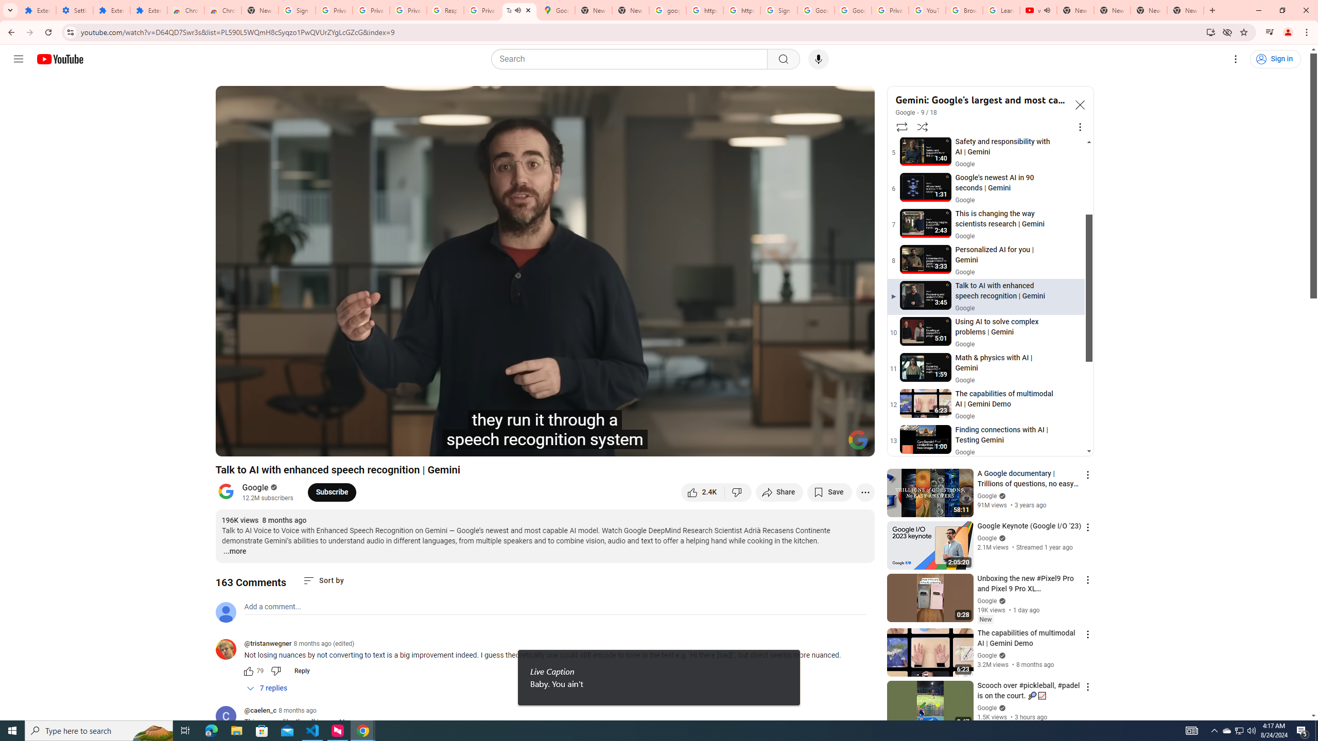 The image size is (1318, 741). I want to click on 'Default profile photo', so click(224, 611).